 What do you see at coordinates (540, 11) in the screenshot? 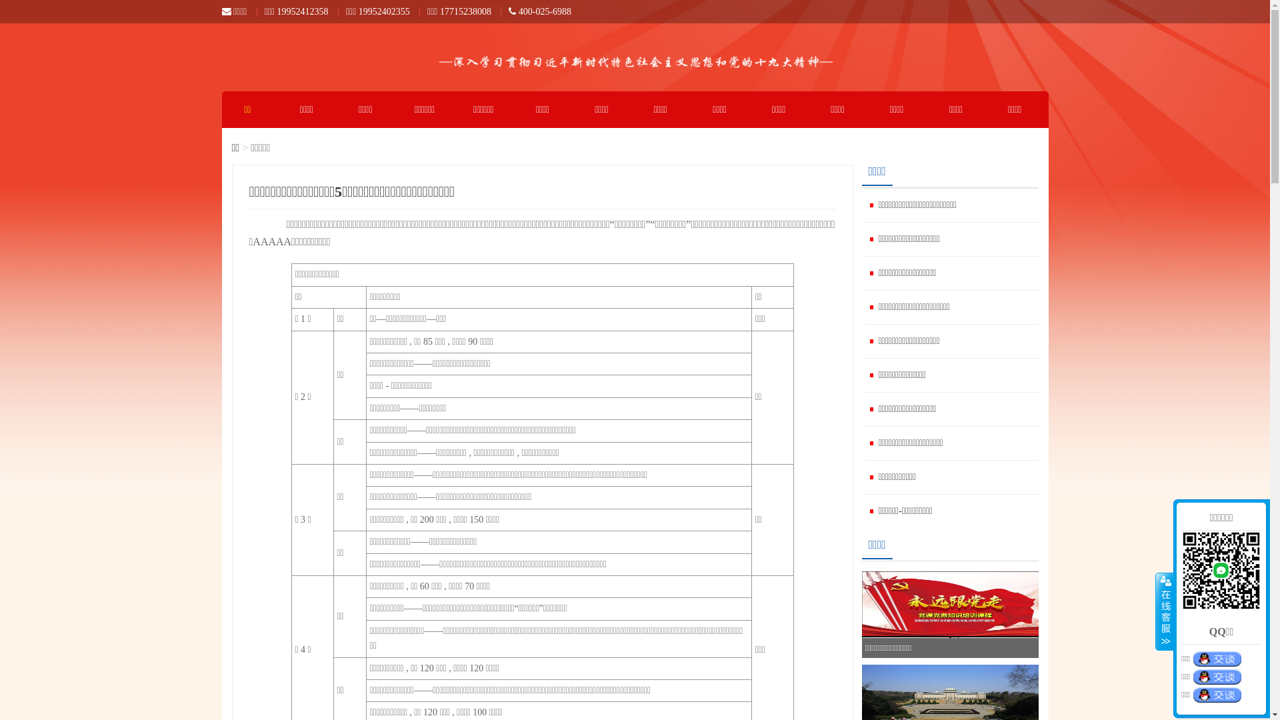
I see `'400-025-6988'` at bounding box center [540, 11].